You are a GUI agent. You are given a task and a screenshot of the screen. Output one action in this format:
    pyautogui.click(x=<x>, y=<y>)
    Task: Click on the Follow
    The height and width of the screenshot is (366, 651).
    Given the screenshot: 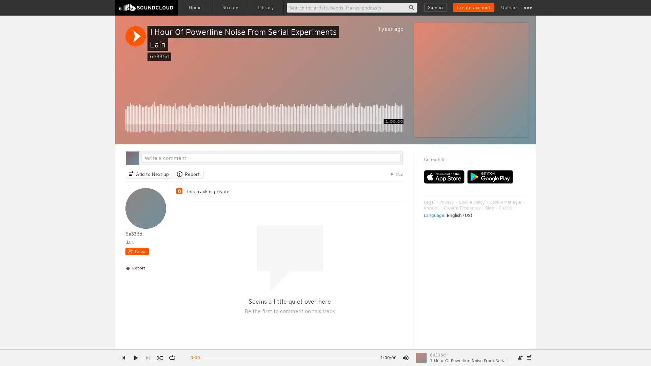 What is the action you would take?
    pyautogui.click(x=137, y=251)
    